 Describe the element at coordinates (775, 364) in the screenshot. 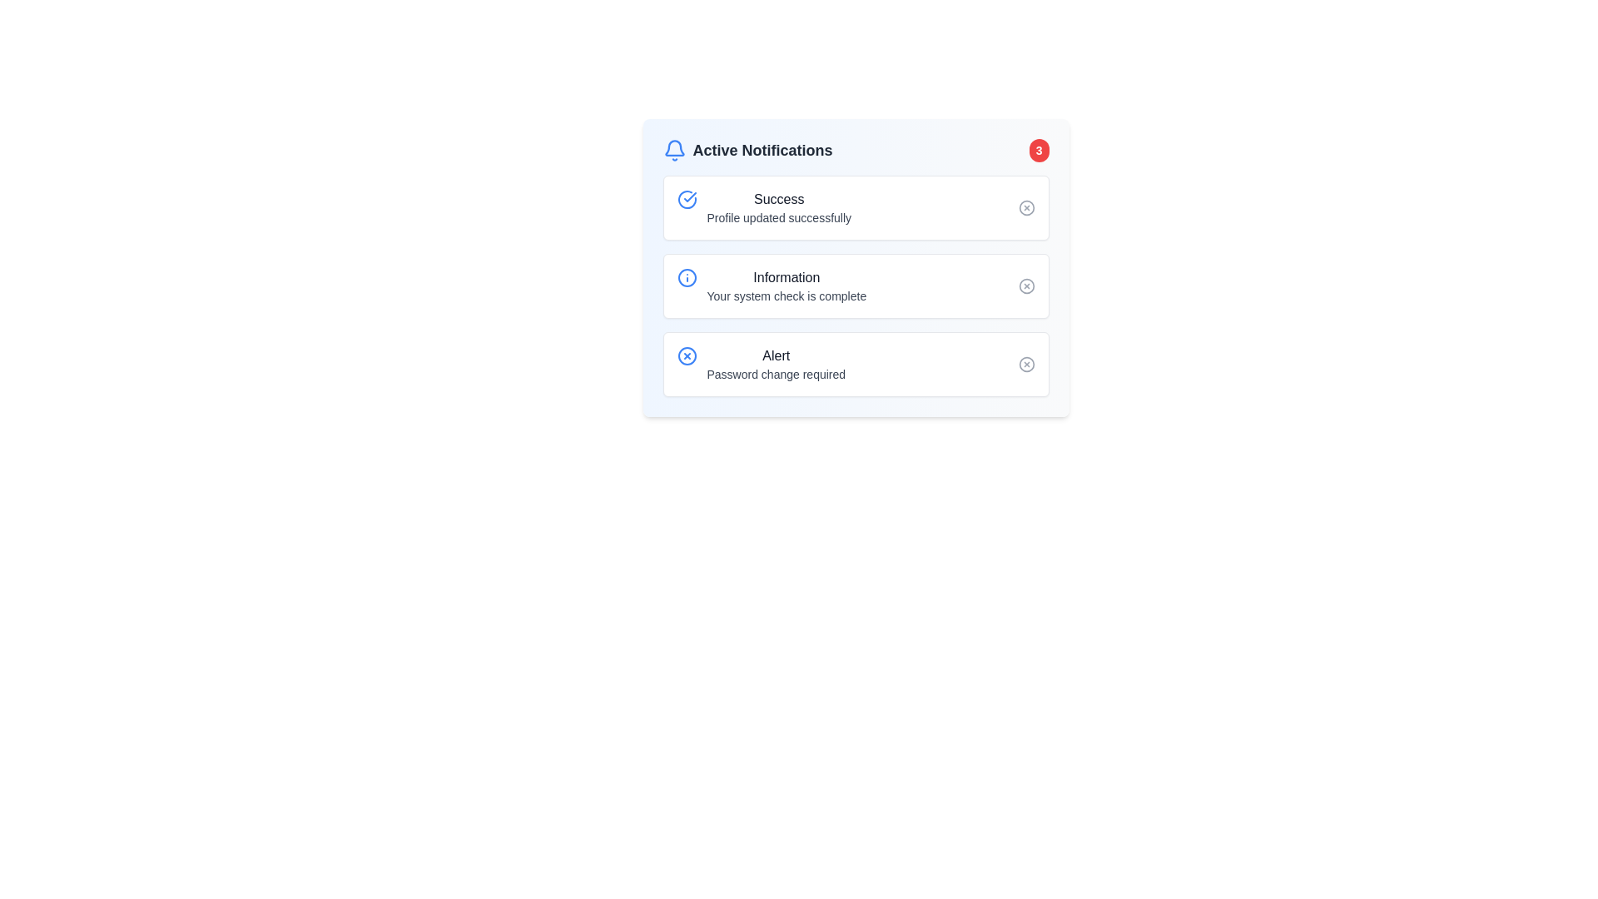

I see `the notification message alerting about a required password change, located in the third position of a vertically arranged list, between a blue circular icon with an 'X' and an interactive 'close' button` at that location.